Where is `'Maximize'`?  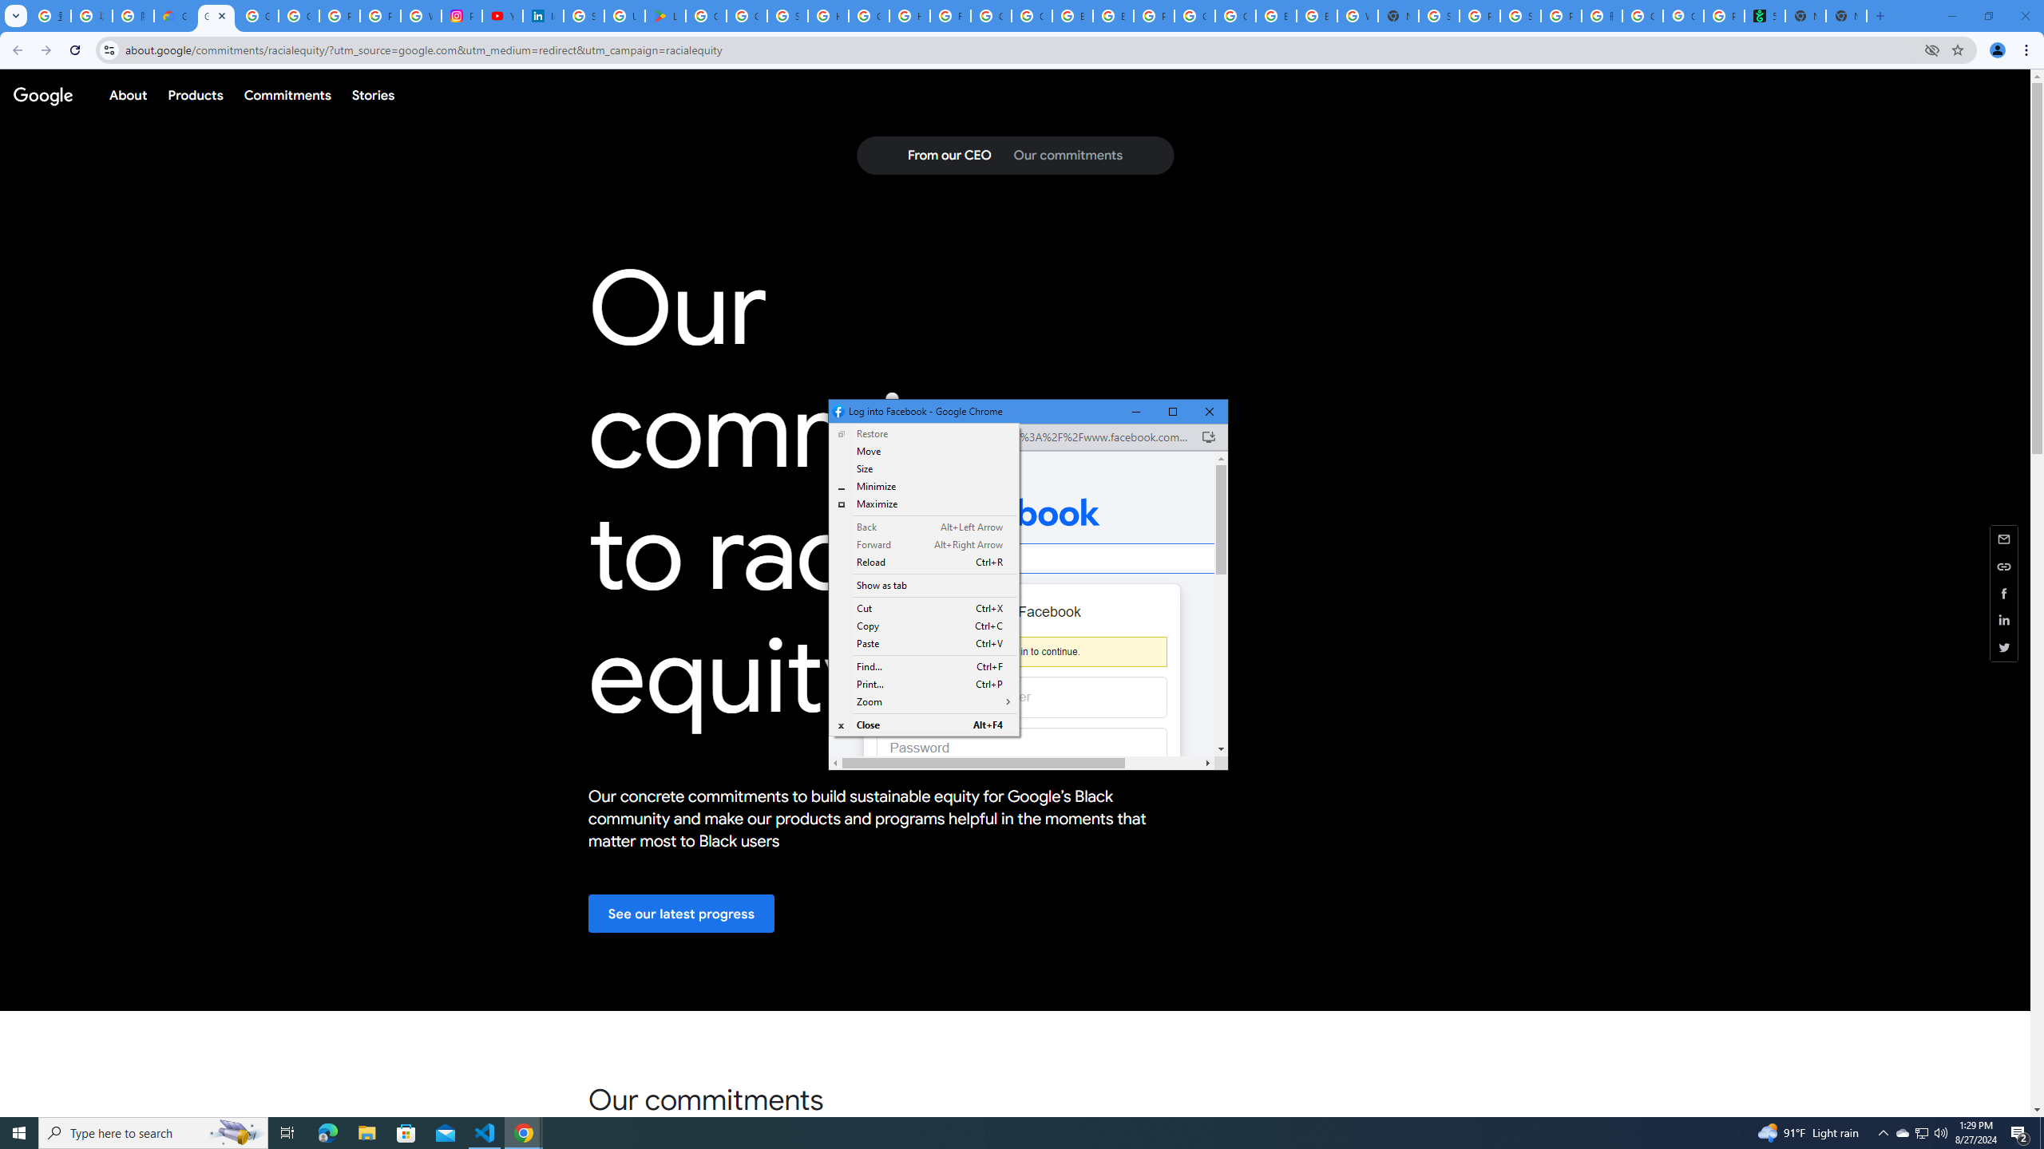 'Maximize' is located at coordinates (924, 544).